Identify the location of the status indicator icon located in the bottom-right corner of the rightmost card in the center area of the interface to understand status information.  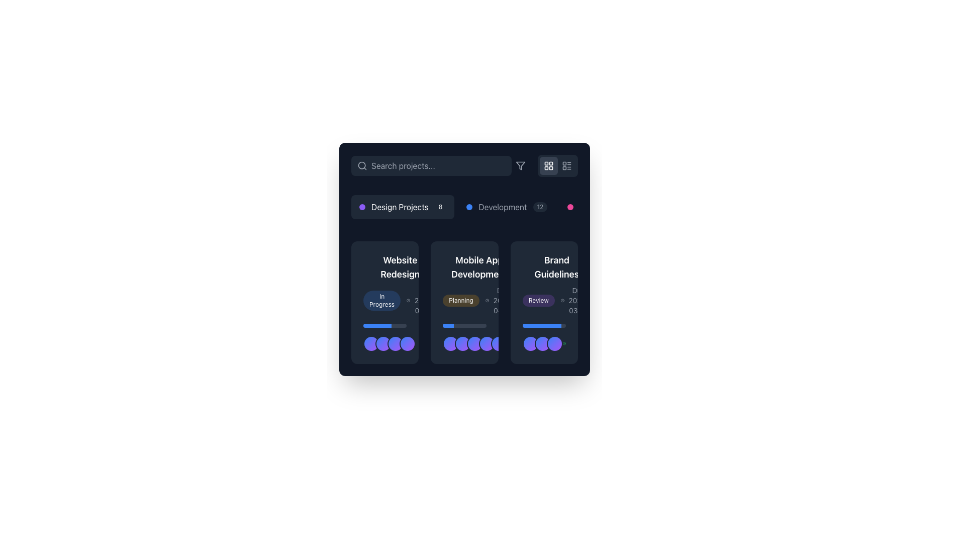
(564, 343).